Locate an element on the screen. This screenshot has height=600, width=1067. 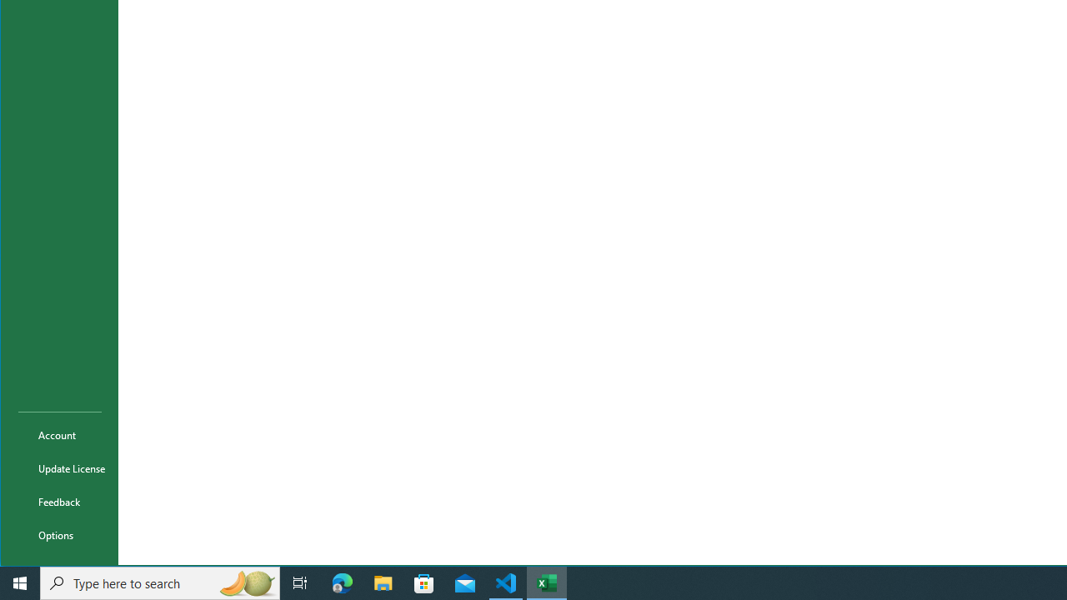
'Search highlights icon opens search home window' is located at coordinates (245, 582).